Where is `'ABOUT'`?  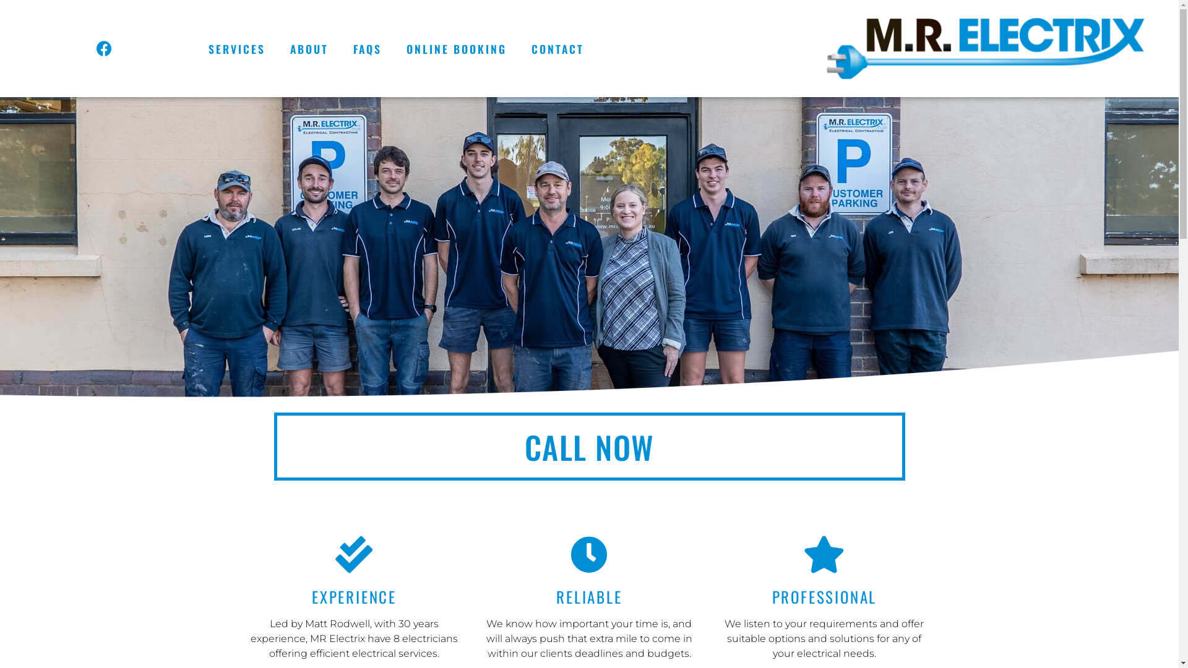 'ABOUT' is located at coordinates (309, 48).